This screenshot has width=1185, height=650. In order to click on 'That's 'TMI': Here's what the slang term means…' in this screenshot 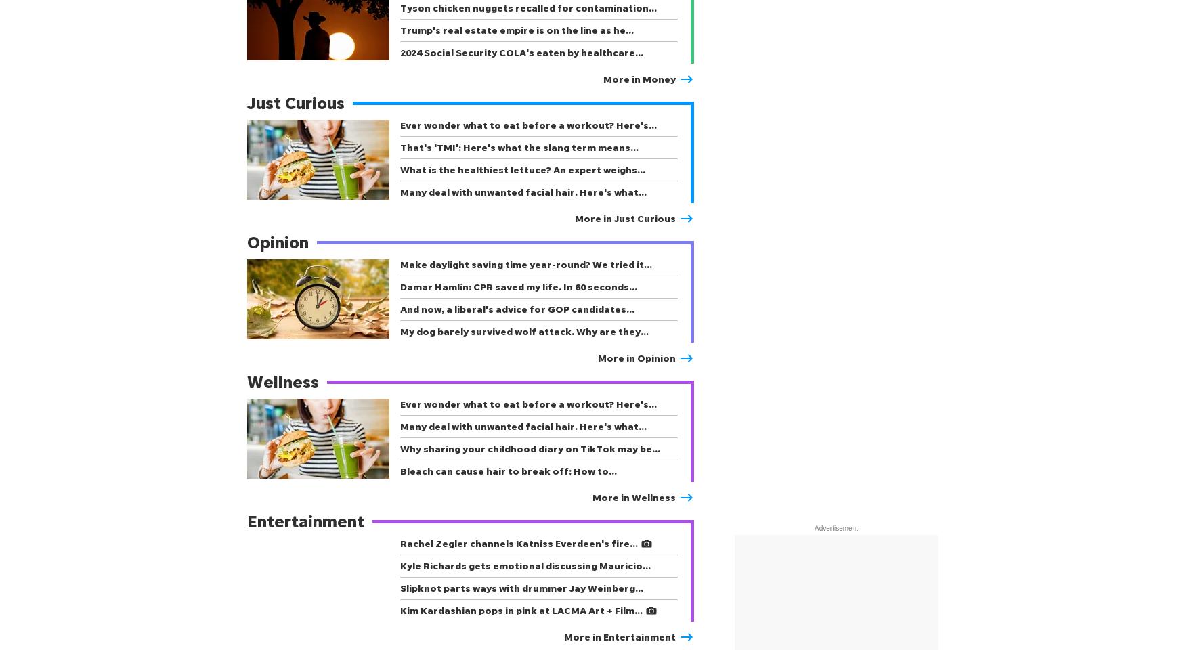, I will do `click(519, 147)`.